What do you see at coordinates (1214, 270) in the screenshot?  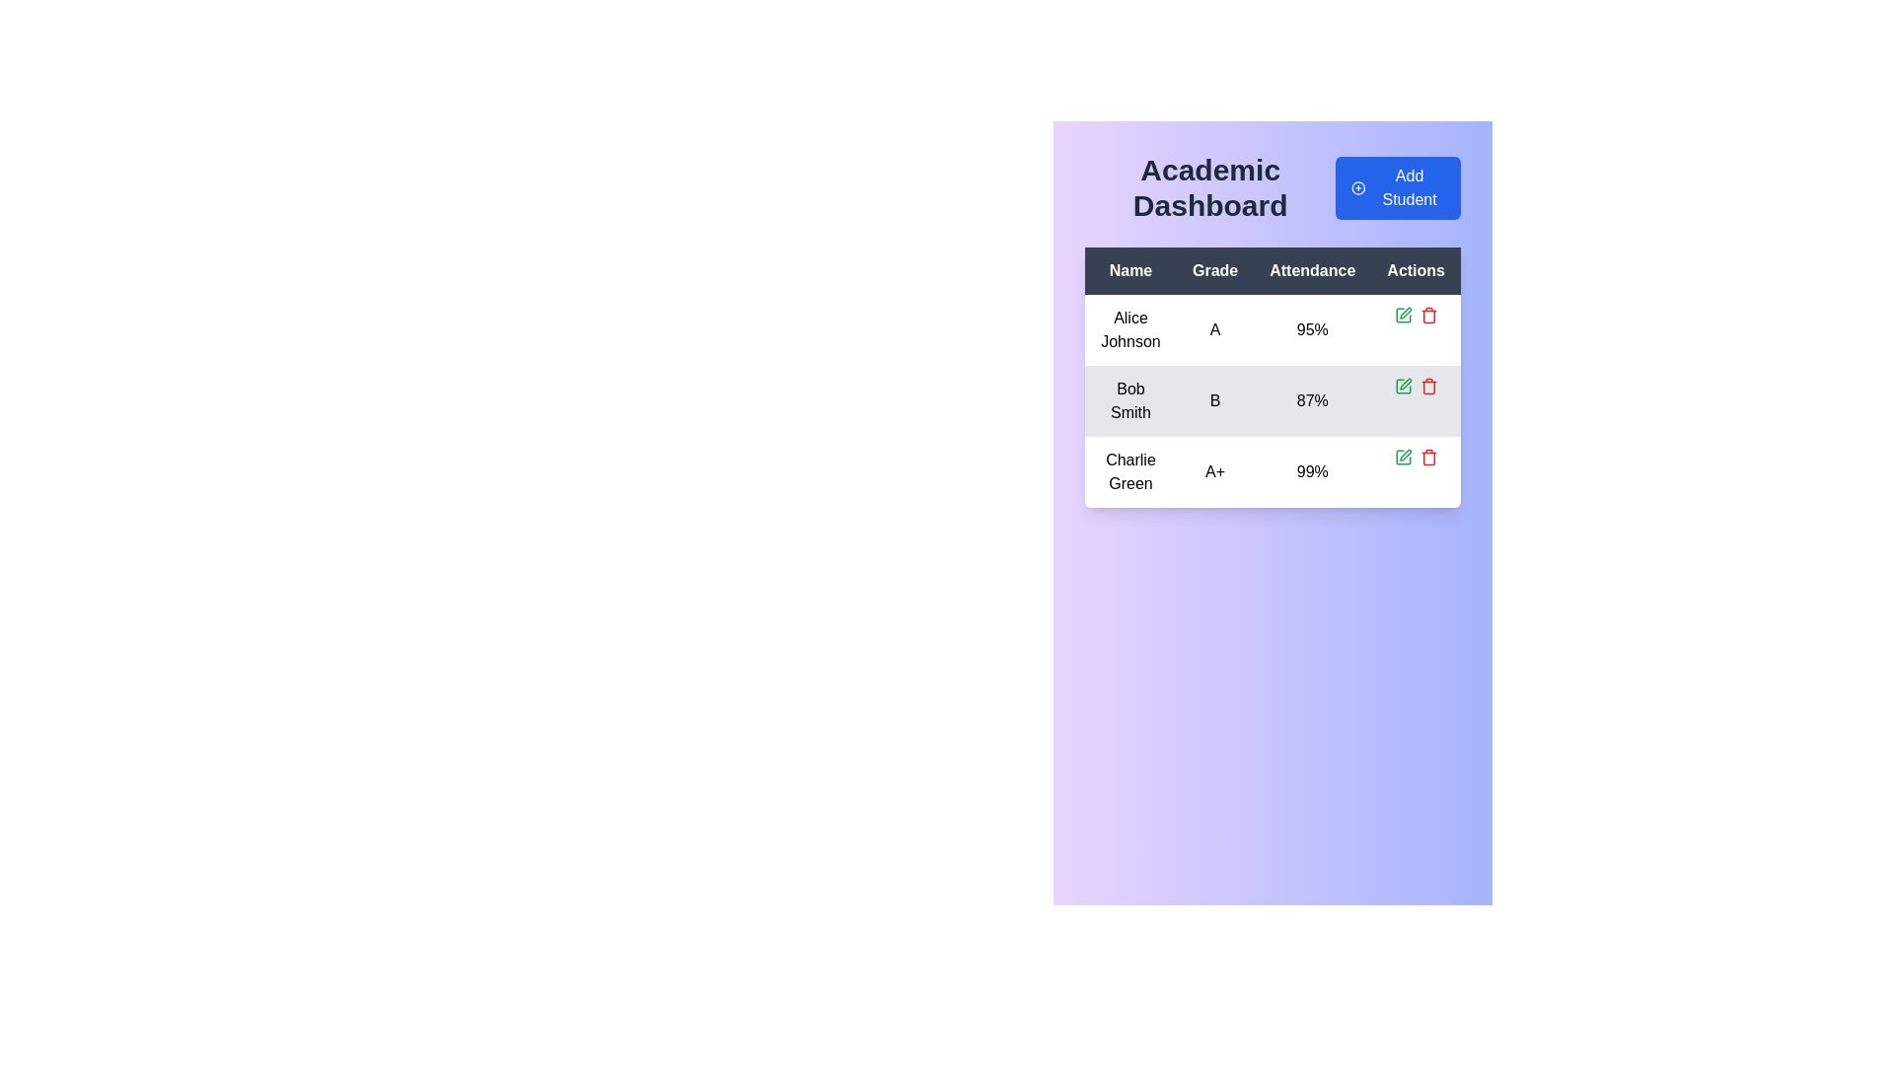 I see `the 'Grade' table header cell, which is the second item in the table header row, displaying white text on a dark background` at bounding box center [1214, 270].